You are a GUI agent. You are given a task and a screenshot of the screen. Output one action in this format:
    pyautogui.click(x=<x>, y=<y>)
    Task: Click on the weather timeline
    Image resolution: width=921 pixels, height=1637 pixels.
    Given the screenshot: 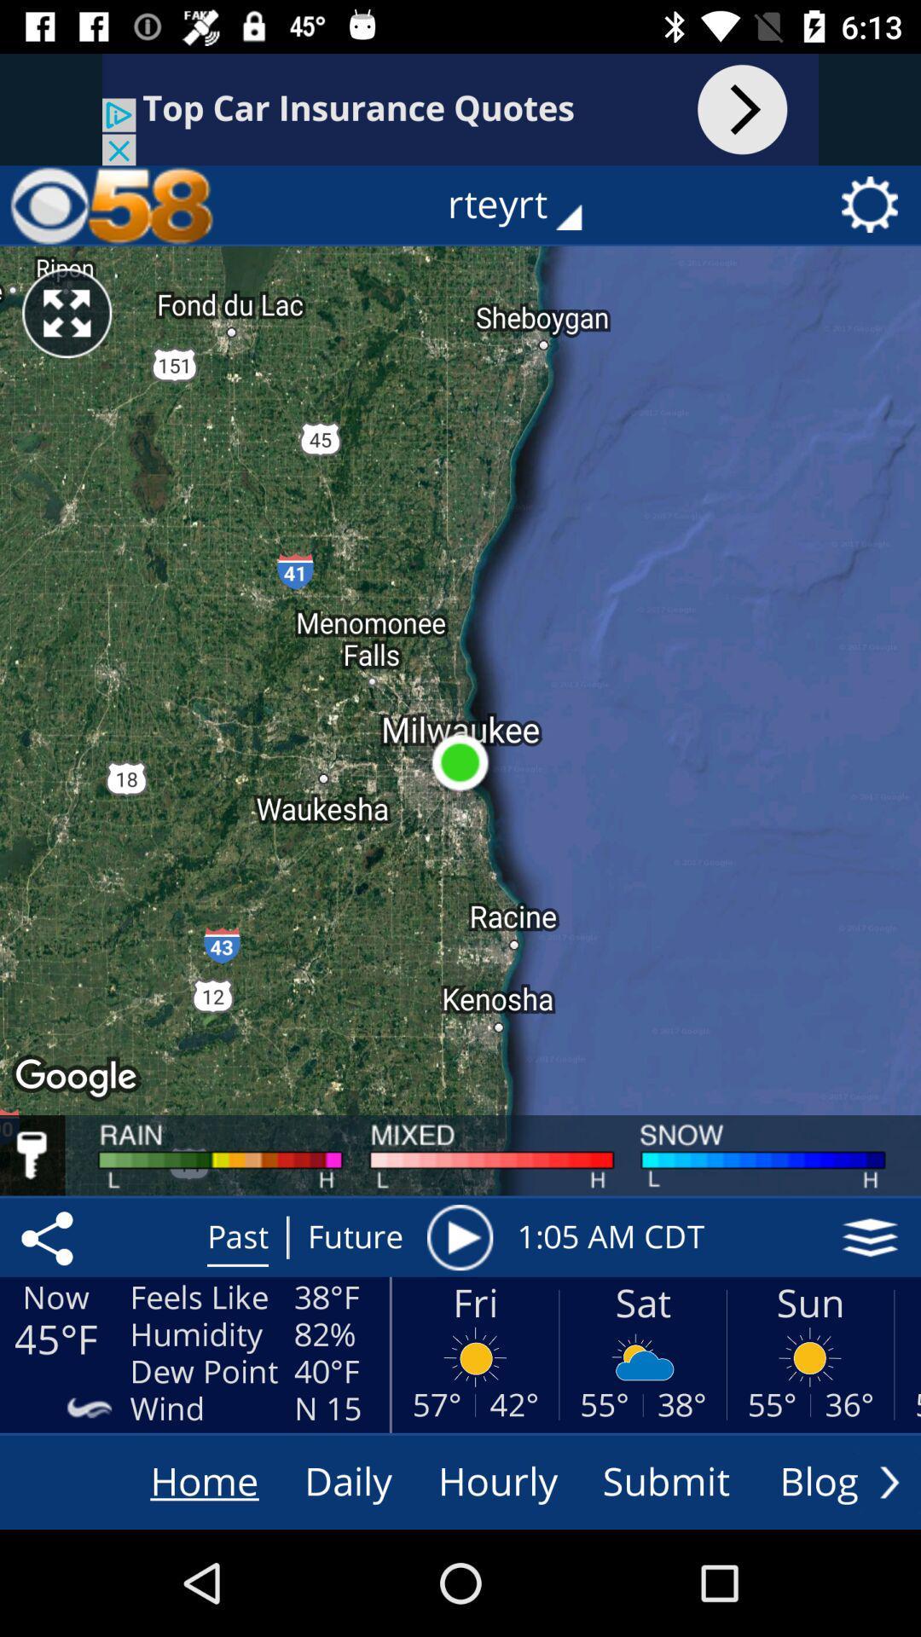 What is the action you would take?
    pyautogui.click(x=459, y=1237)
    